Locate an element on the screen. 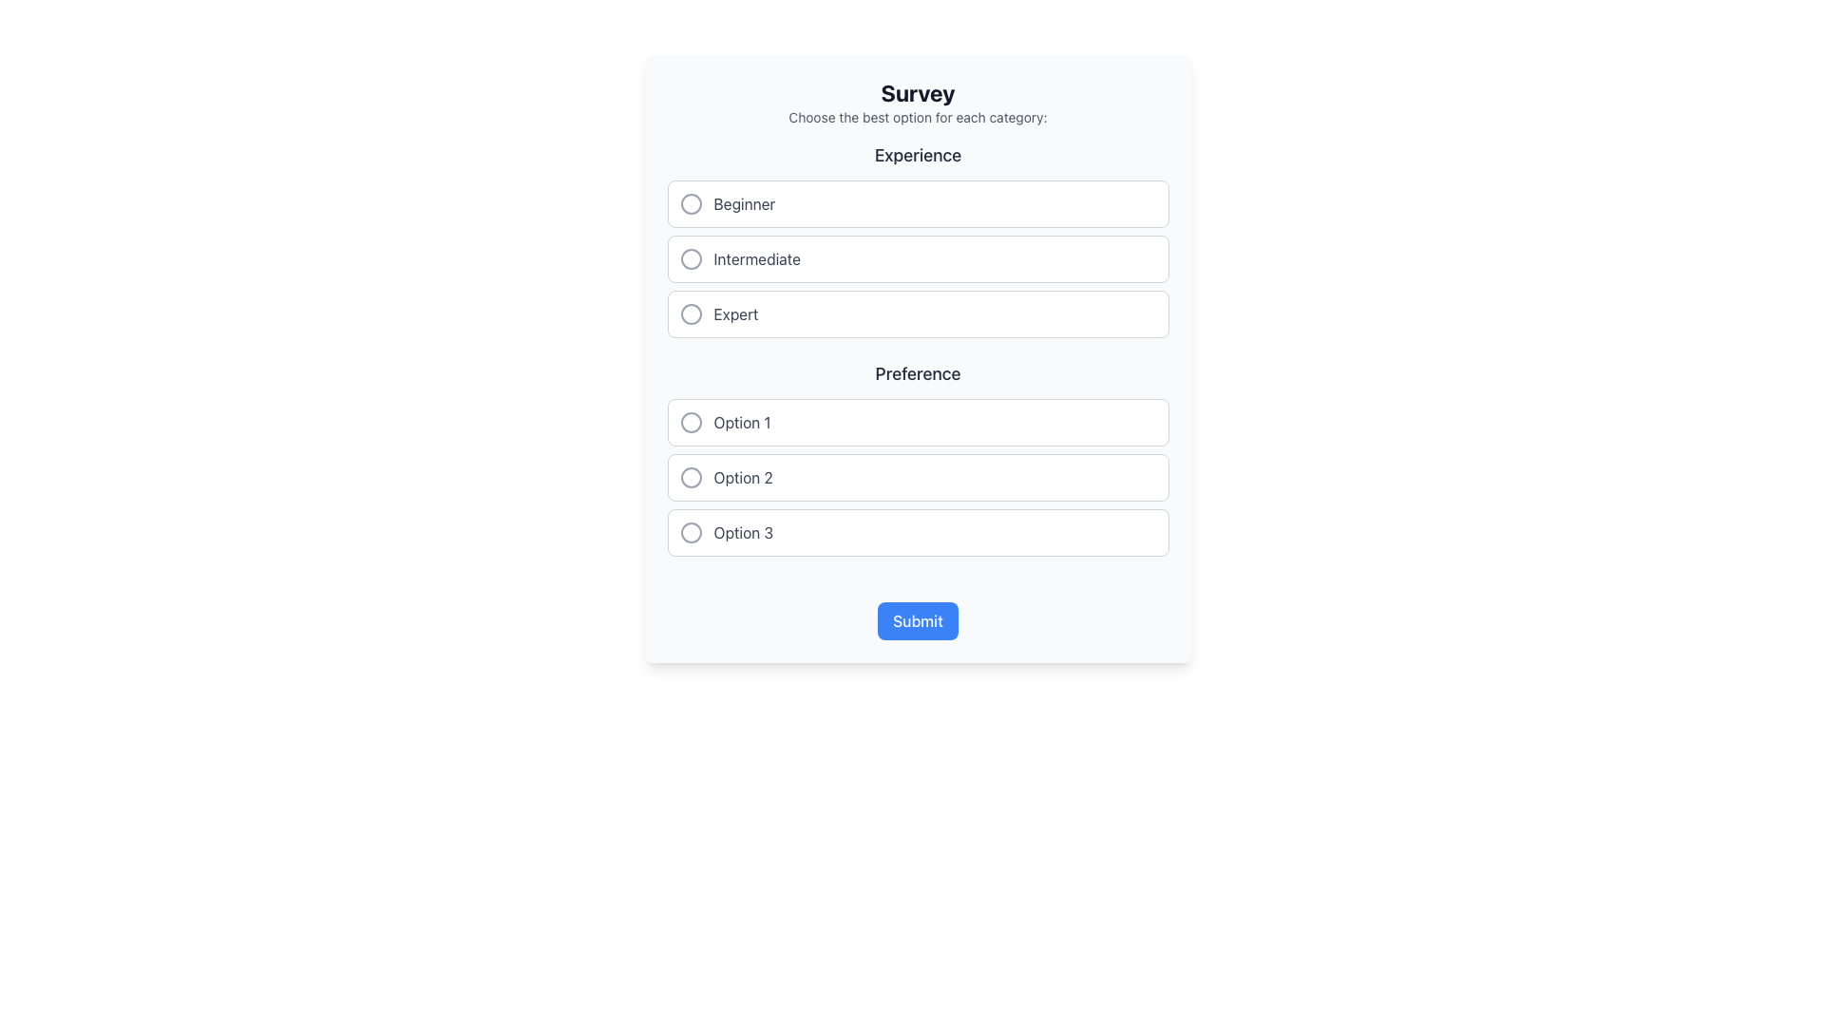  the 'Preference' radio button group options located within the 'Survey' card, below the 'Experience' section and above the 'Submit' button is located at coordinates (918, 458).